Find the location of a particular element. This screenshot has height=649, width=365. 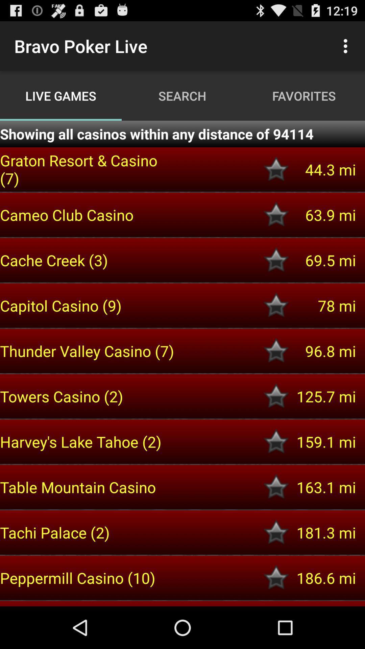

like option is located at coordinates (276, 351).